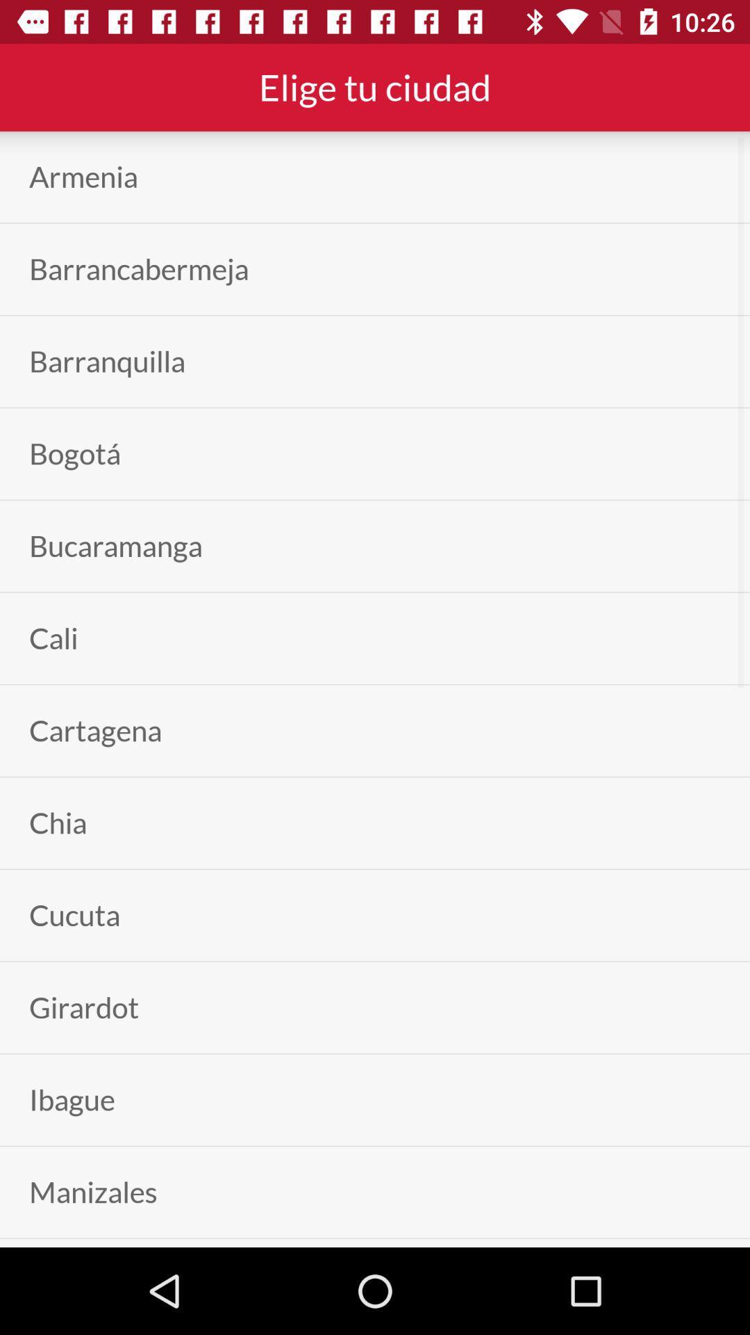  Describe the element at coordinates (57, 823) in the screenshot. I see `item below the cartagena app` at that location.